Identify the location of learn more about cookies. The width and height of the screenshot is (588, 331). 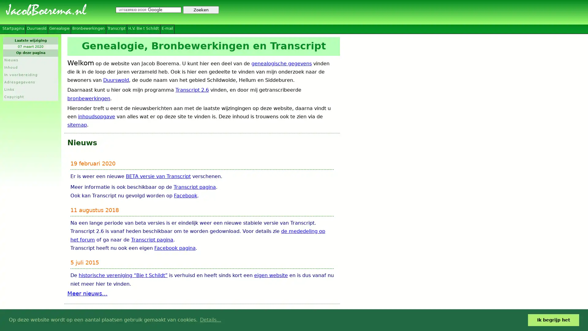
(210, 320).